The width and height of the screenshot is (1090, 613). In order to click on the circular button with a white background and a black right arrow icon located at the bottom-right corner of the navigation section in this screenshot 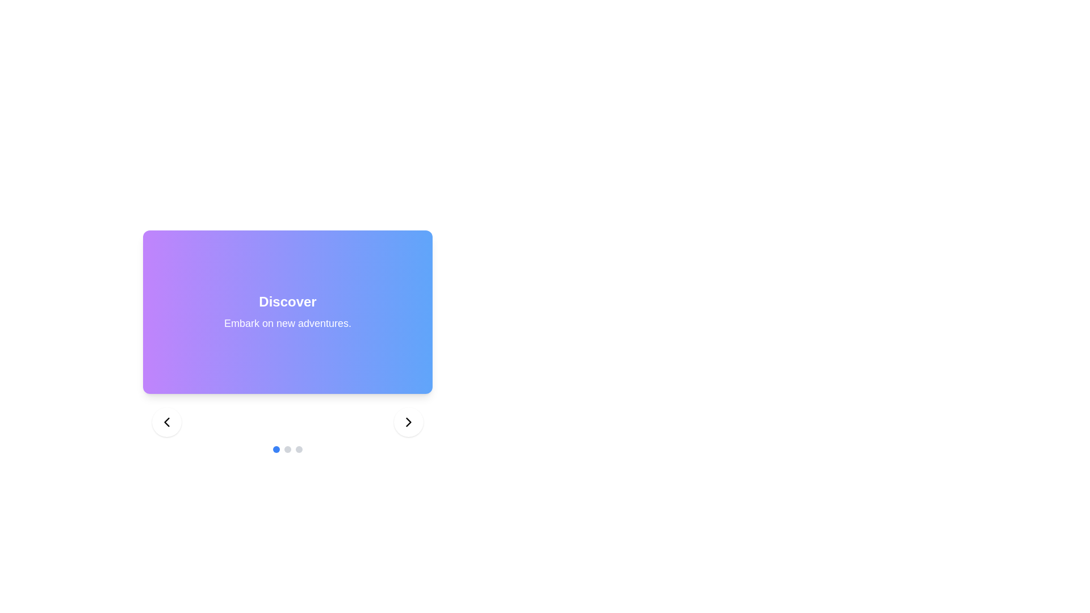, I will do `click(409, 422)`.